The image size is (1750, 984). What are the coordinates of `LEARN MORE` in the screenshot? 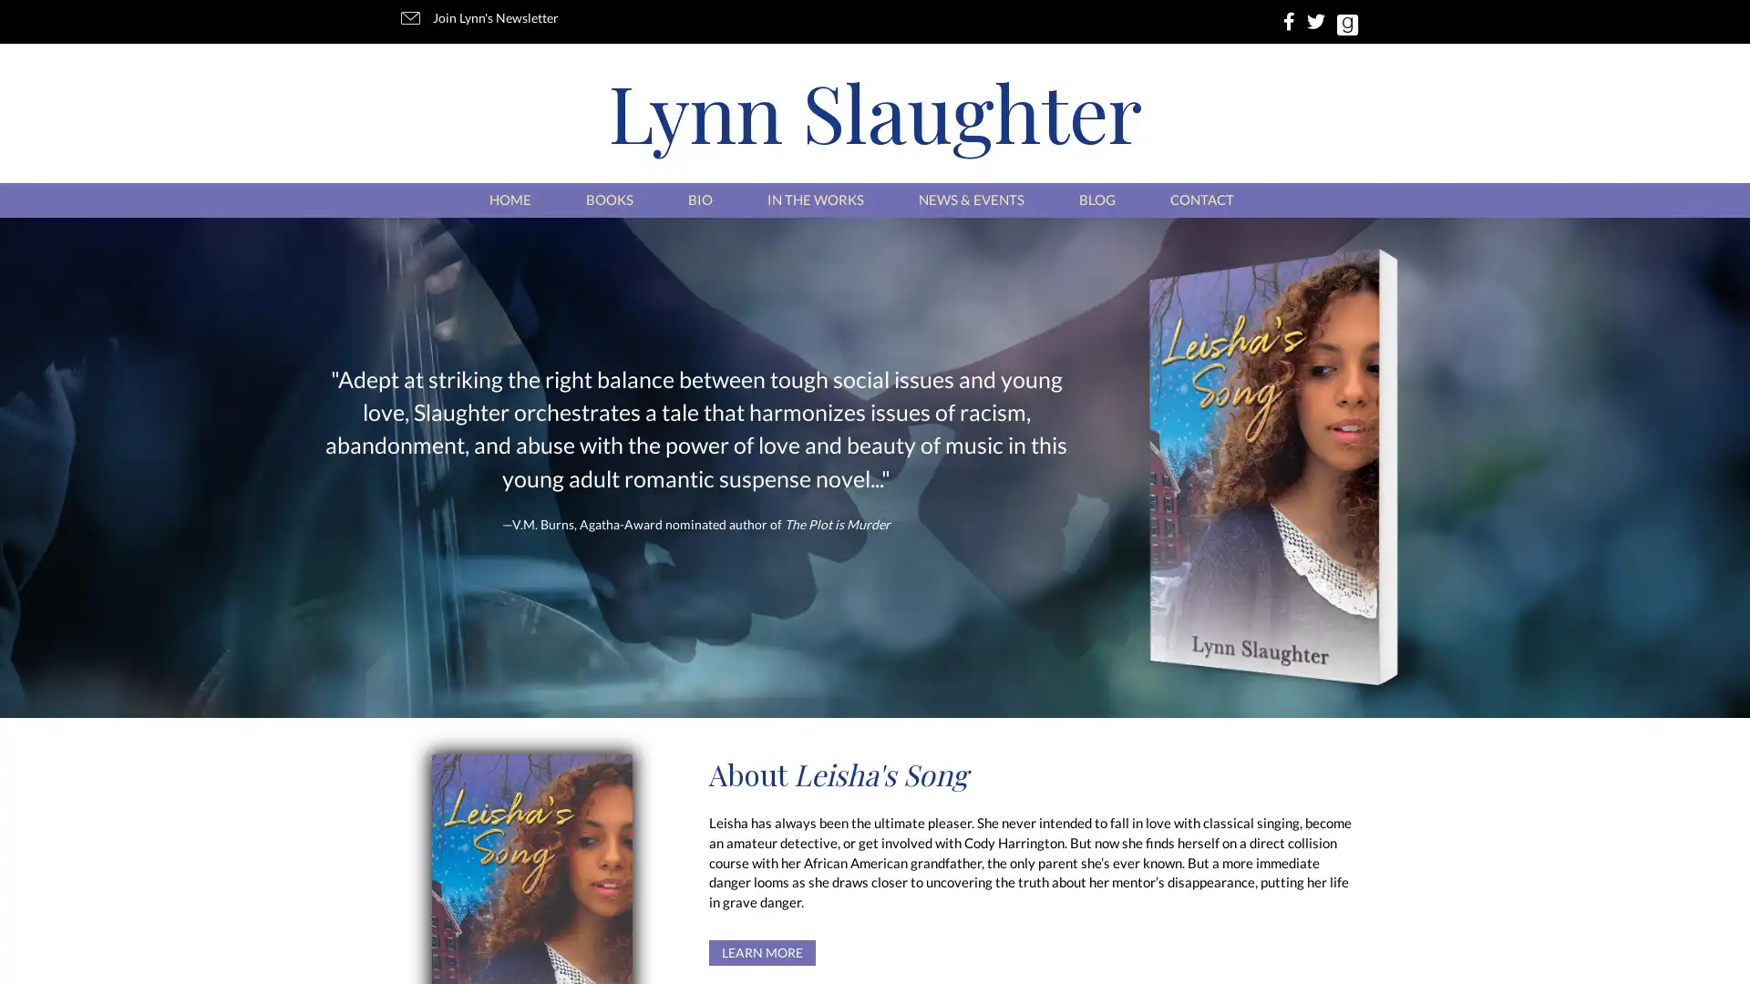 It's located at (762, 951).